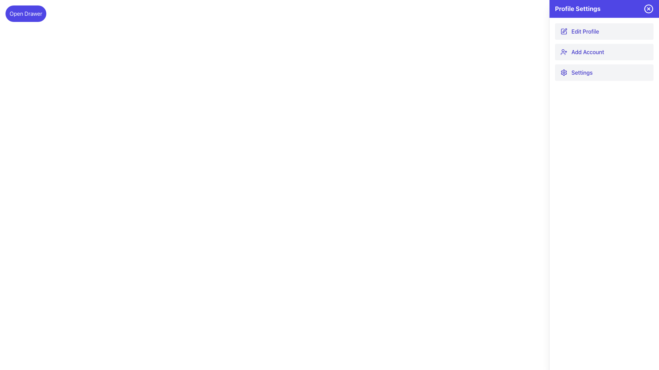 The image size is (659, 370). What do you see at coordinates (648, 9) in the screenshot?
I see `the close button located` at bounding box center [648, 9].